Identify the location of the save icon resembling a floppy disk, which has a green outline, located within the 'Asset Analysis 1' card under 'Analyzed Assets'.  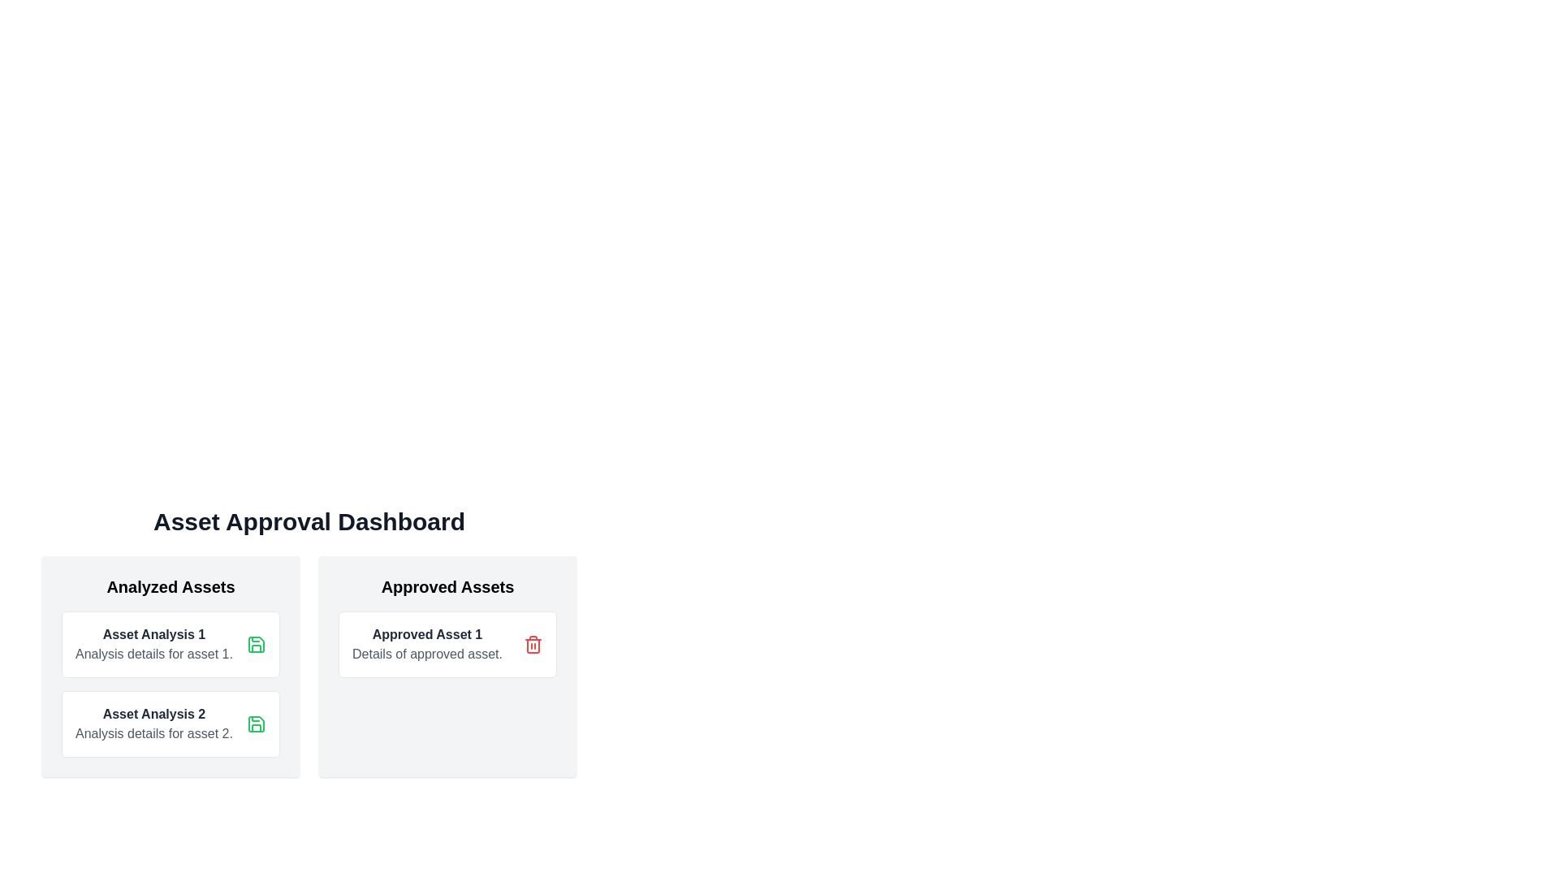
(256, 723).